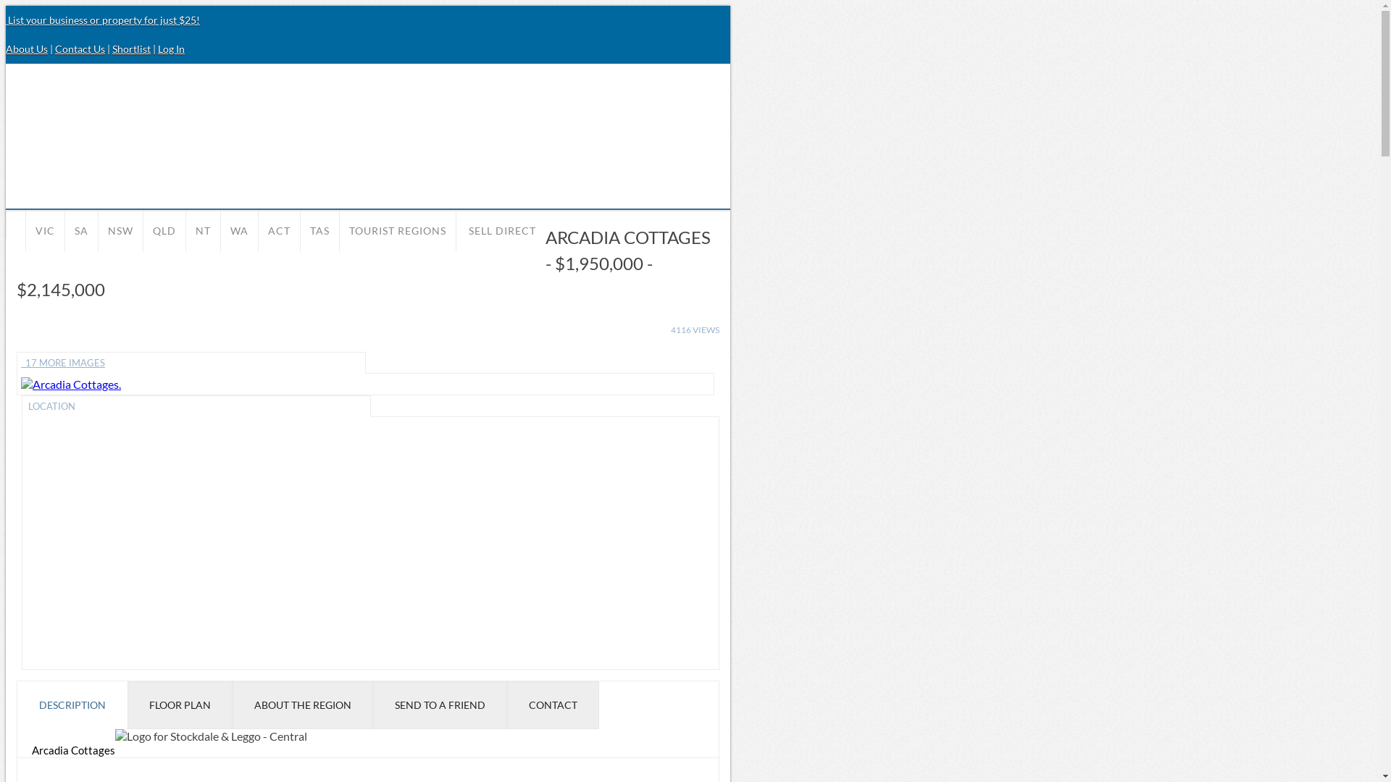  Describe the element at coordinates (79, 48) in the screenshot. I see `'Contact Us'` at that location.